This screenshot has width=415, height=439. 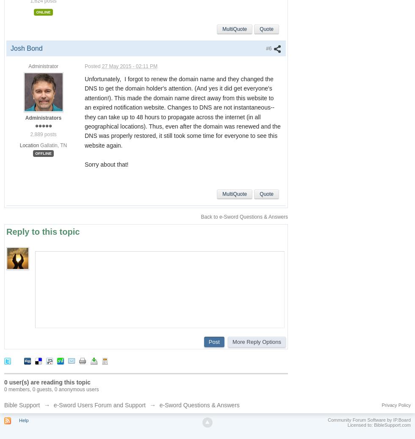 I want to click on 'Administrator', so click(x=43, y=66).